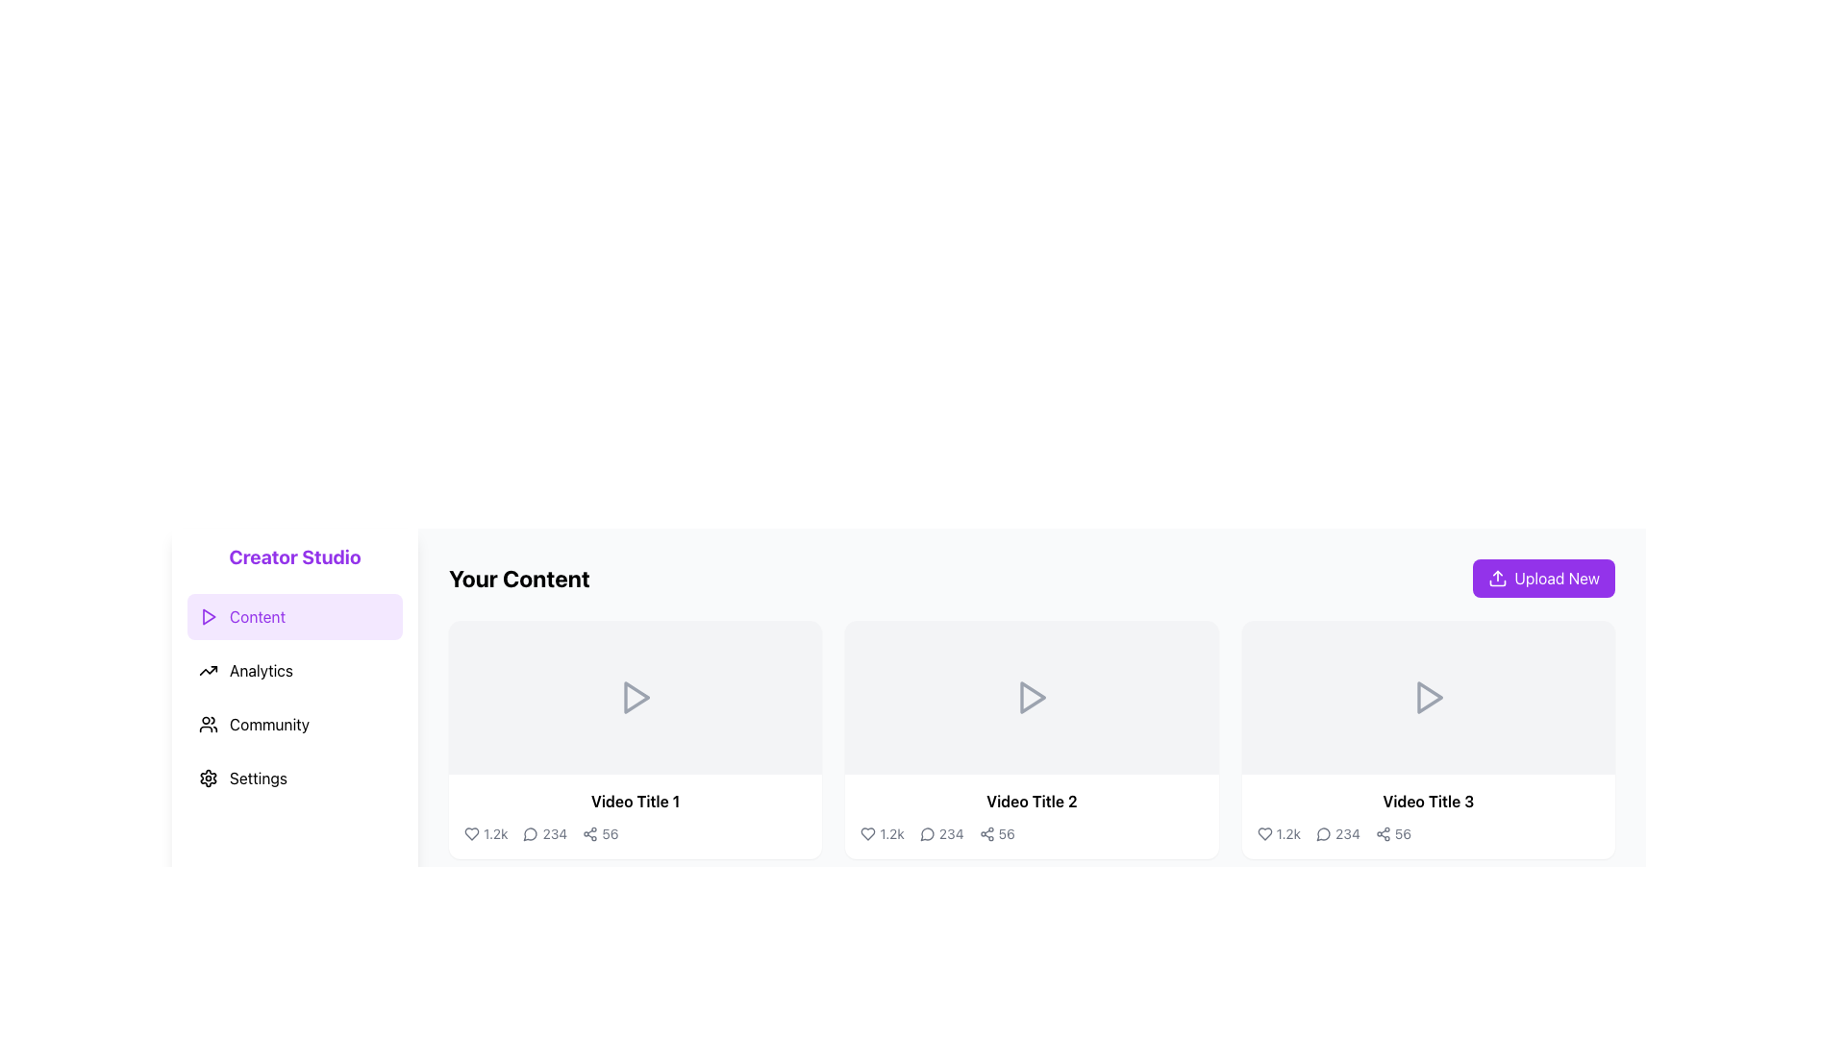 The height and width of the screenshot is (1038, 1846). What do you see at coordinates (257, 616) in the screenshot?
I see `the 'Content' navigation label in the sidebar menu` at bounding box center [257, 616].